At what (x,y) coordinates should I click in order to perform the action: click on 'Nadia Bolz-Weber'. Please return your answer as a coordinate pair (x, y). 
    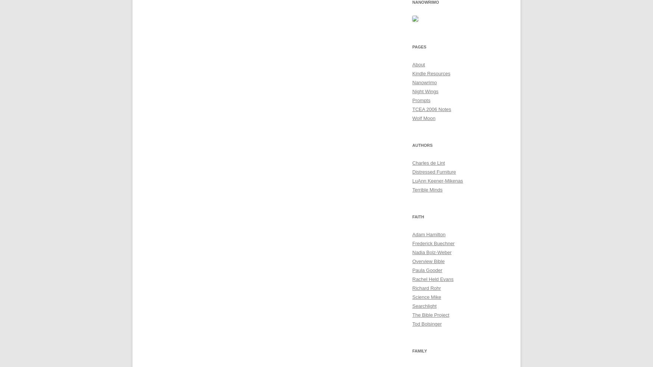
    Looking at the image, I should click on (412, 252).